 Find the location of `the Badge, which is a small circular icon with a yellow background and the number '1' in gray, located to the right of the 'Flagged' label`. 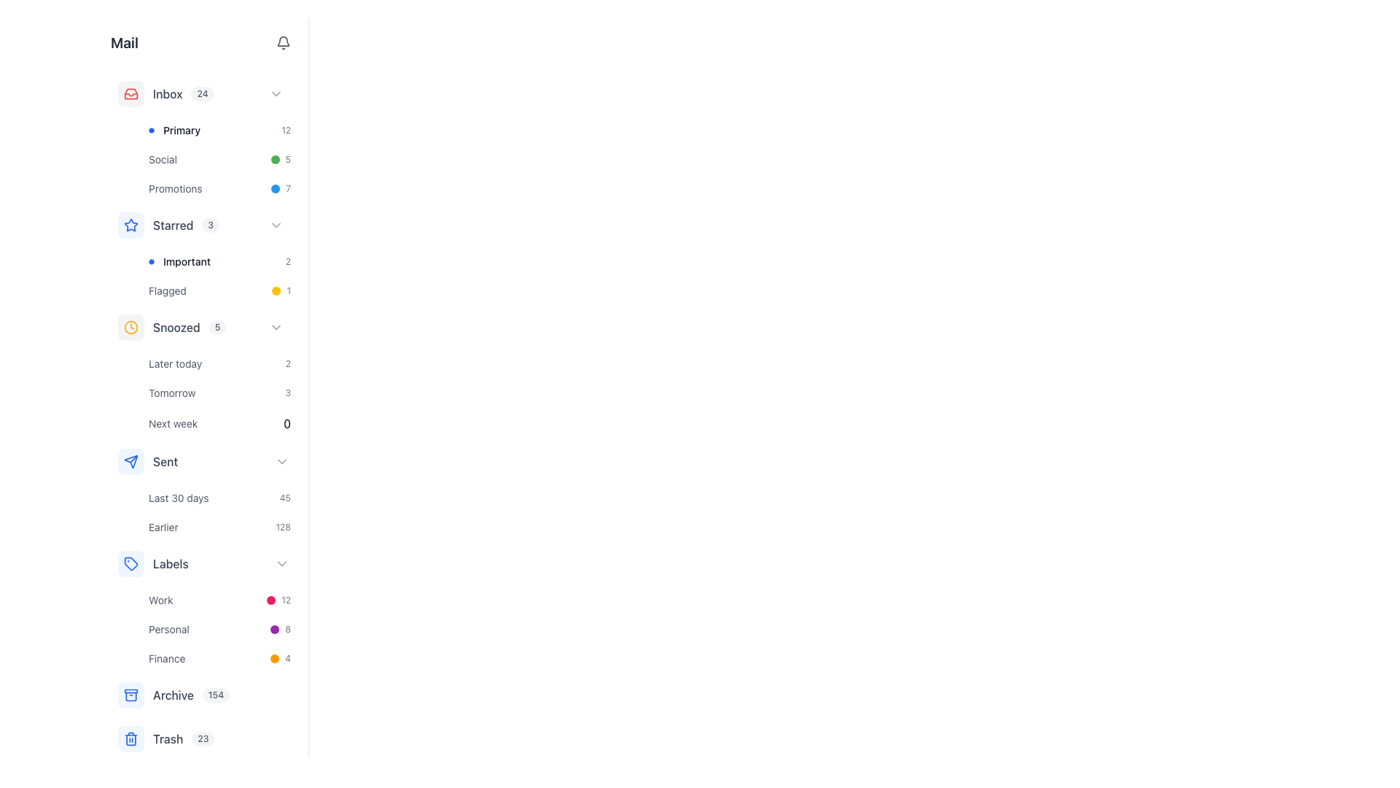

the Badge, which is a small circular icon with a yellow background and the number '1' in gray, located to the right of the 'Flagged' label is located at coordinates (281, 290).